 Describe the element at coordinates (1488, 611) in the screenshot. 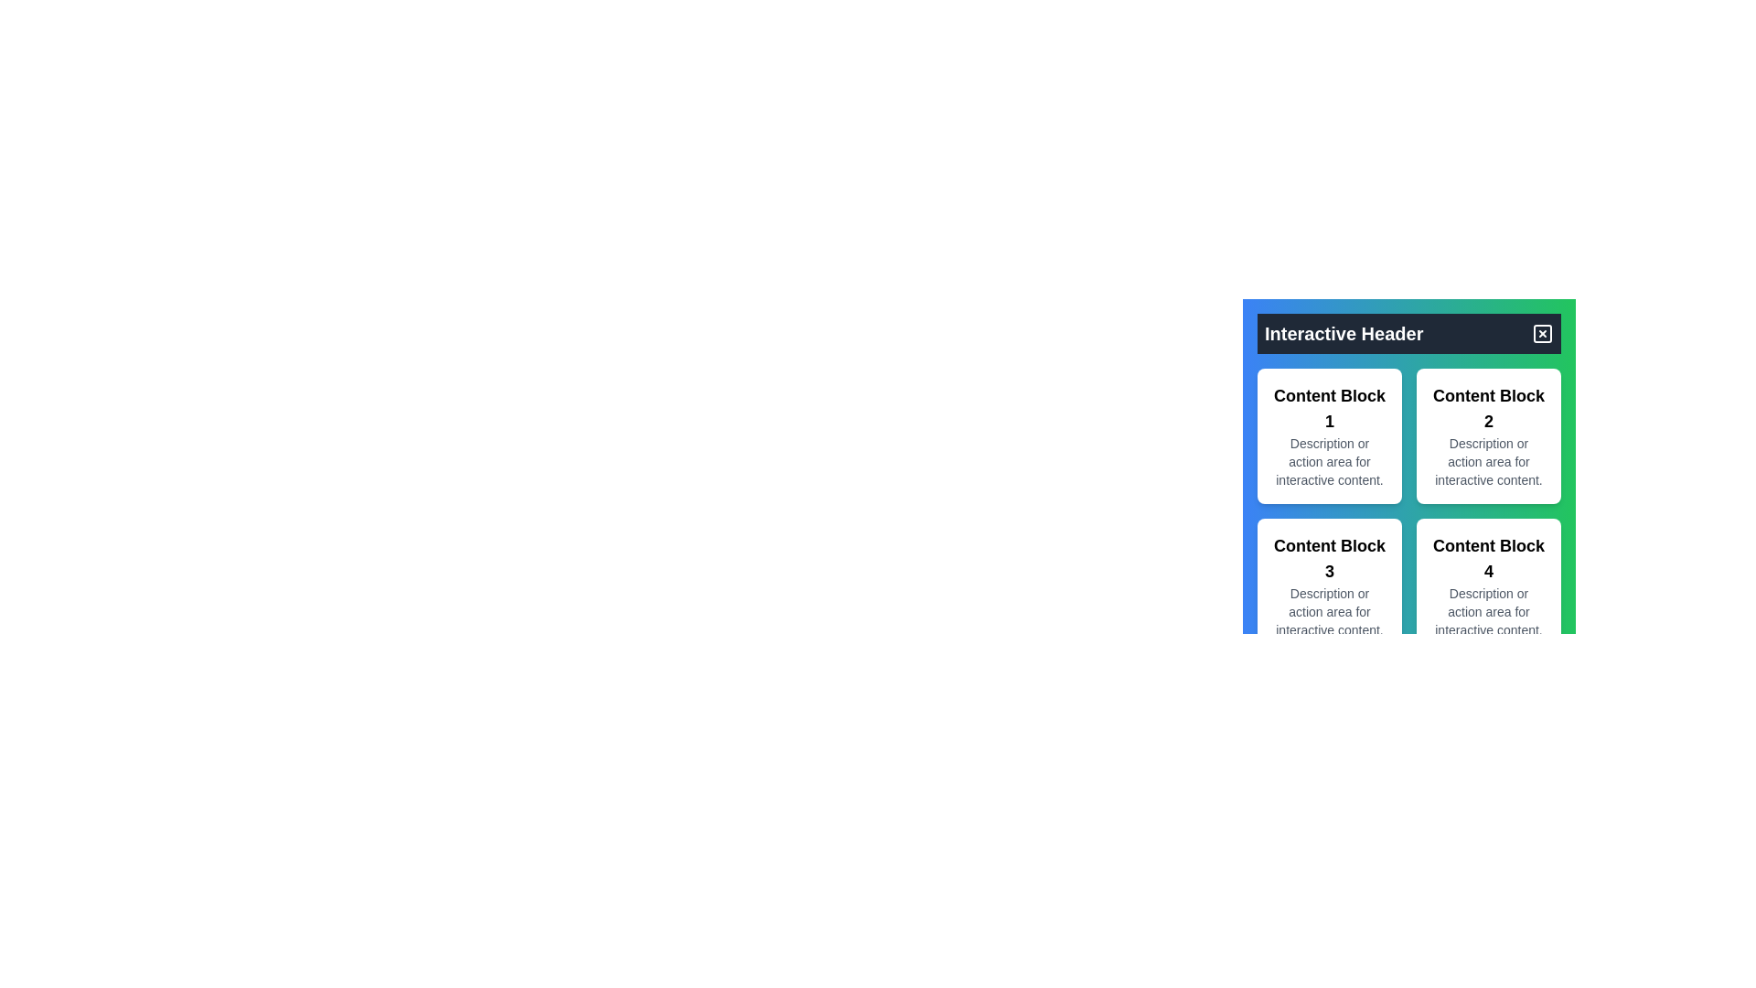

I see `the static text element that reads 'Description or action area for interactive content' located within the white rectangular card of 'Content Block 4.'` at that location.